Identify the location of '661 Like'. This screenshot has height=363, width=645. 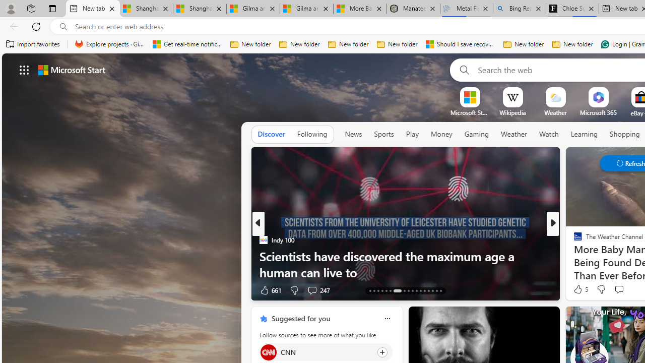
(270, 290).